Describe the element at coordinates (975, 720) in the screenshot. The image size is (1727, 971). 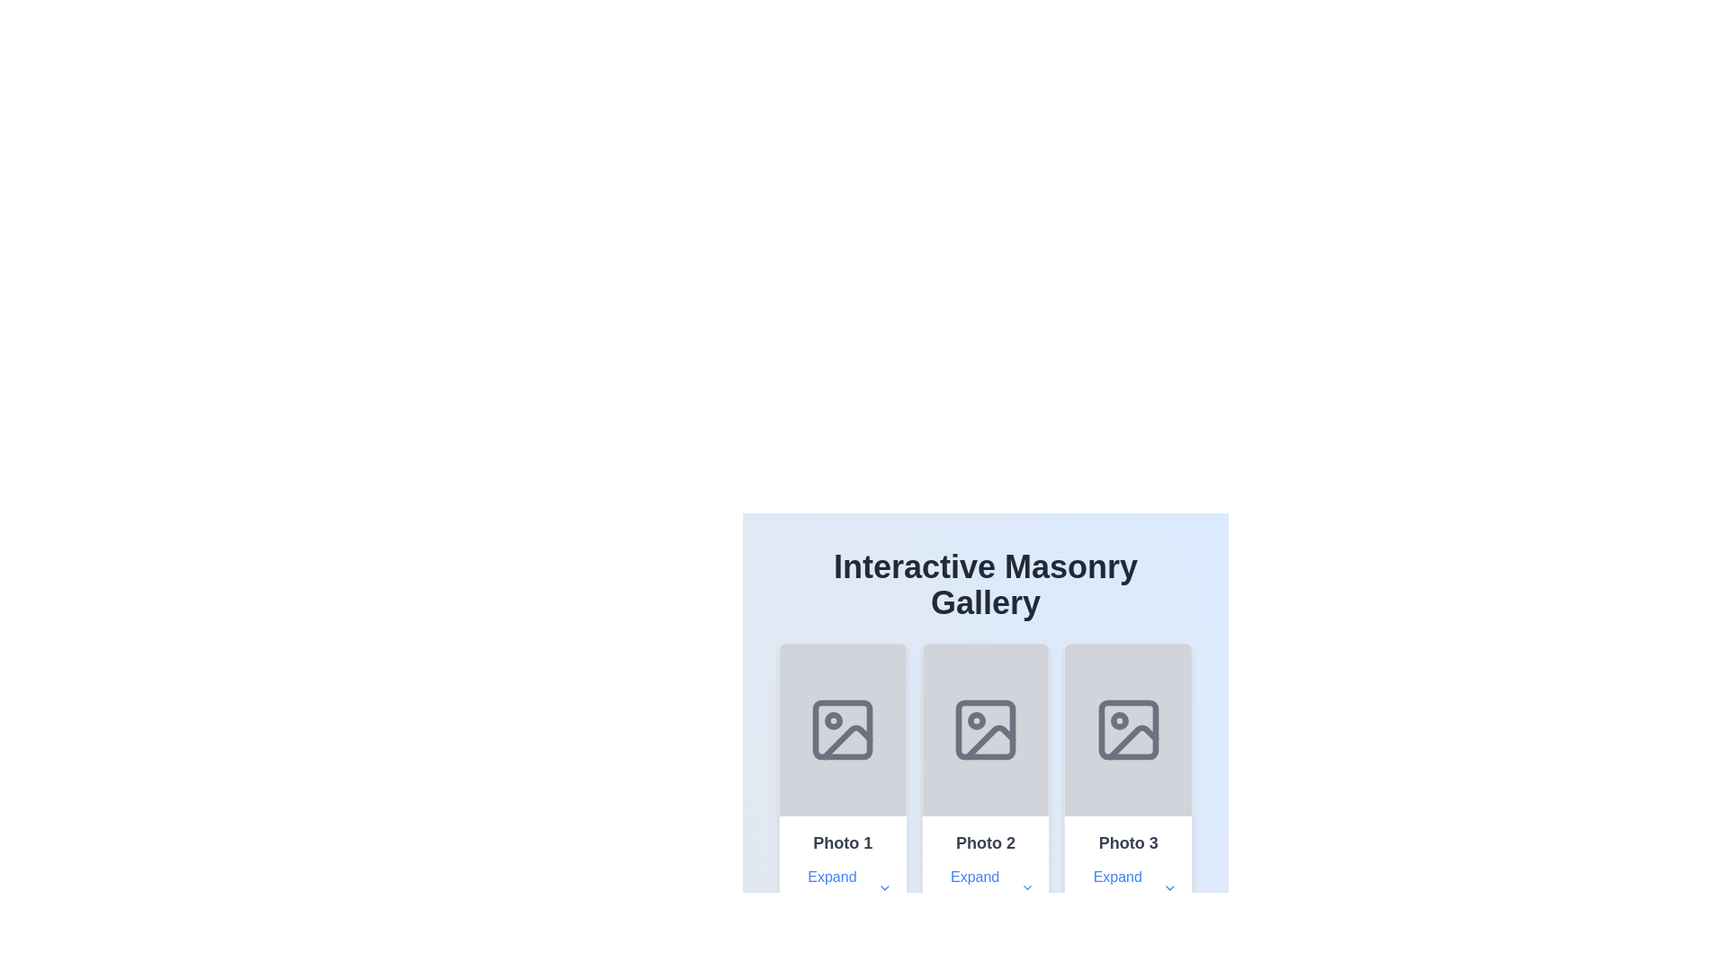
I see `the small circular shape with a red interior located within the image icon of the 'Photo 2' card in the gallery` at that location.